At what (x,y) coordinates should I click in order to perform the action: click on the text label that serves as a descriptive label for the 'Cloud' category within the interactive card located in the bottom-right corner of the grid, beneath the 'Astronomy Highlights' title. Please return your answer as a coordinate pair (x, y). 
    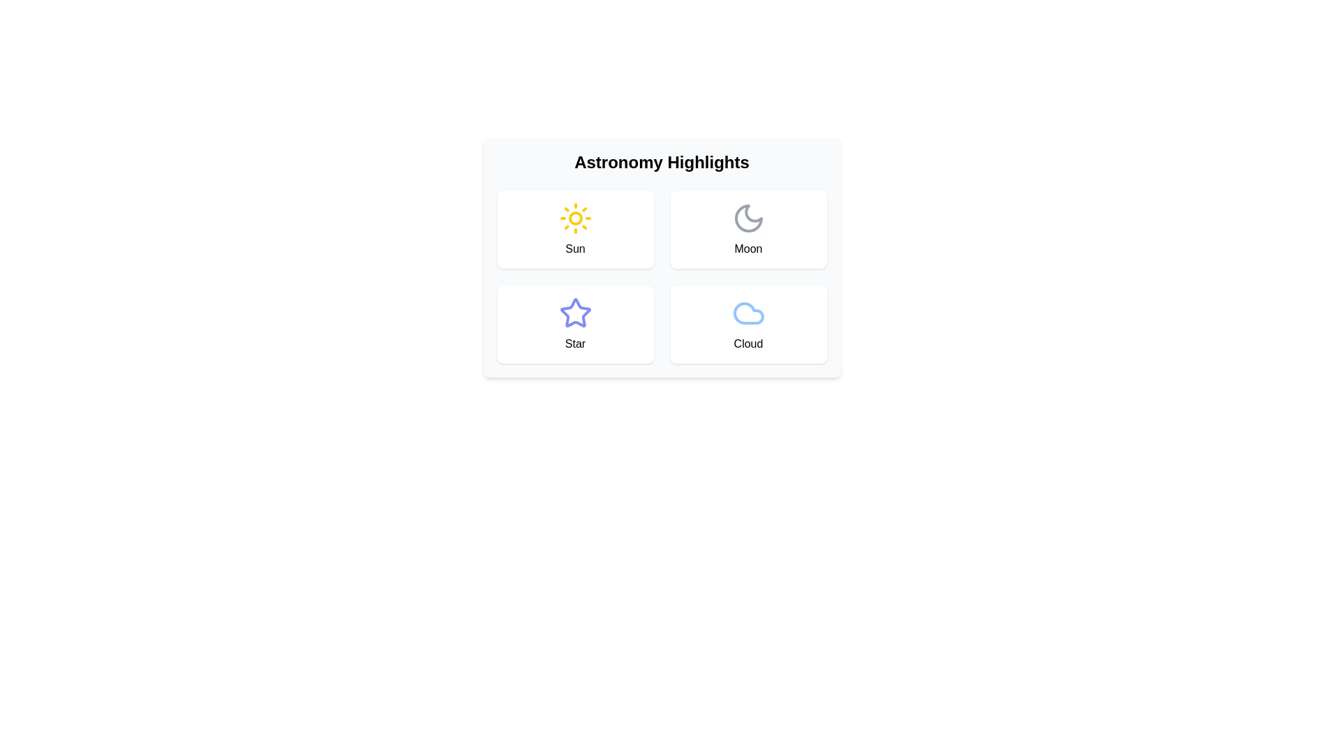
    Looking at the image, I should click on (747, 344).